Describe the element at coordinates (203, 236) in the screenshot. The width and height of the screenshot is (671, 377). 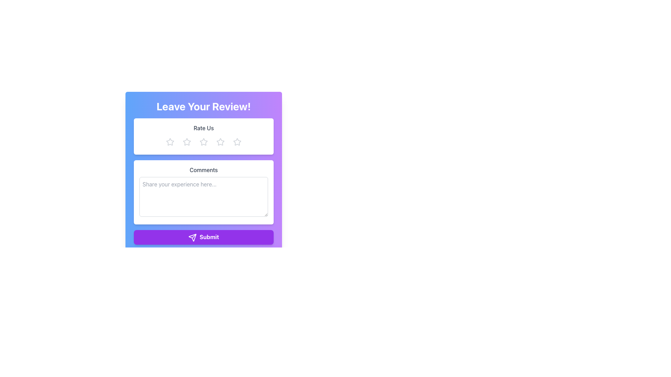
I see `the 'Submit' button, which is a purple rectangular button with rounded corners located at the bottom of the modal interface` at that location.